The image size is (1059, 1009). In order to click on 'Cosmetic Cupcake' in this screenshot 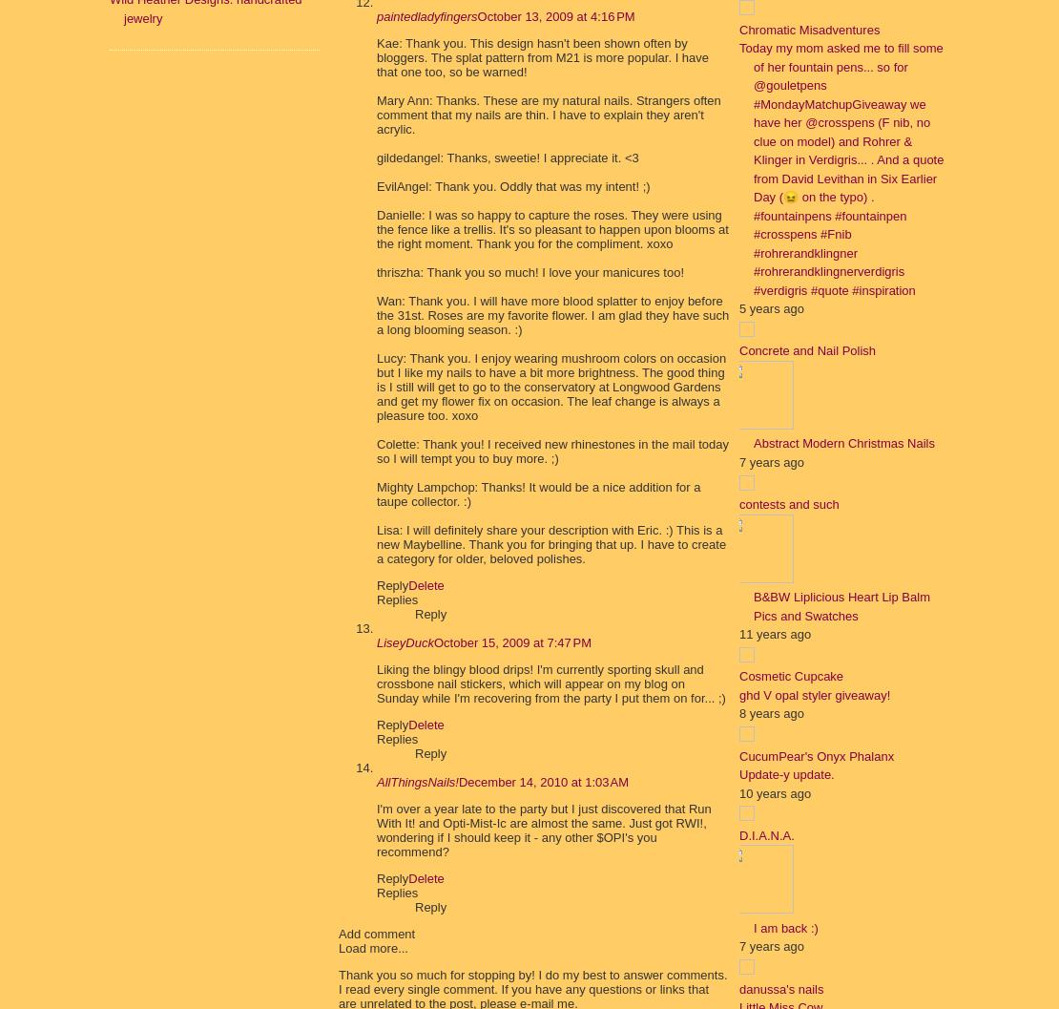, I will do `click(738, 675)`.